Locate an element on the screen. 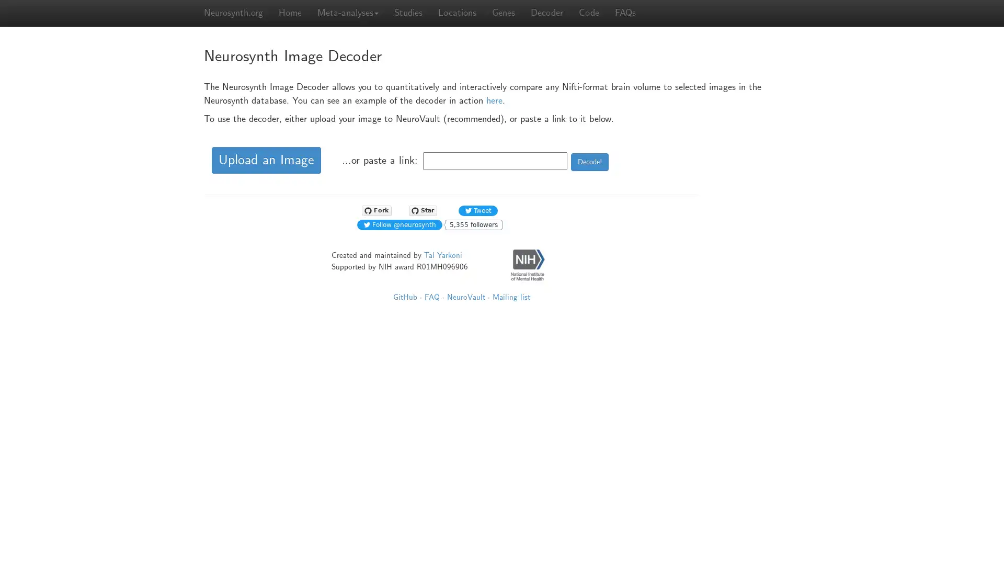 The width and height of the screenshot is (1004, 565). Decode! is located at coordinates (590, 161).